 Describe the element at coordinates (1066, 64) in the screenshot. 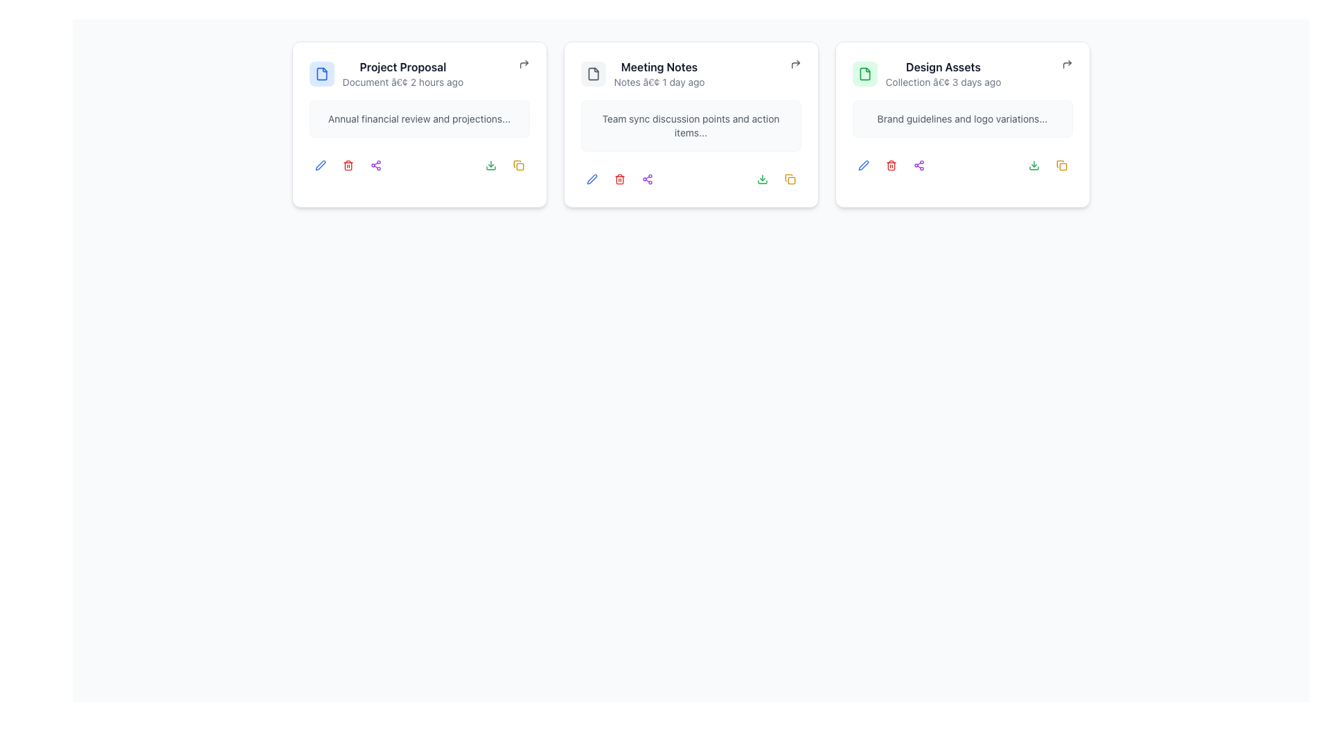

I see `the small gray icon resembling a curved arrow pointing upwards to the right, located at the top-right corner of the 'Design Assets' card` at that location.